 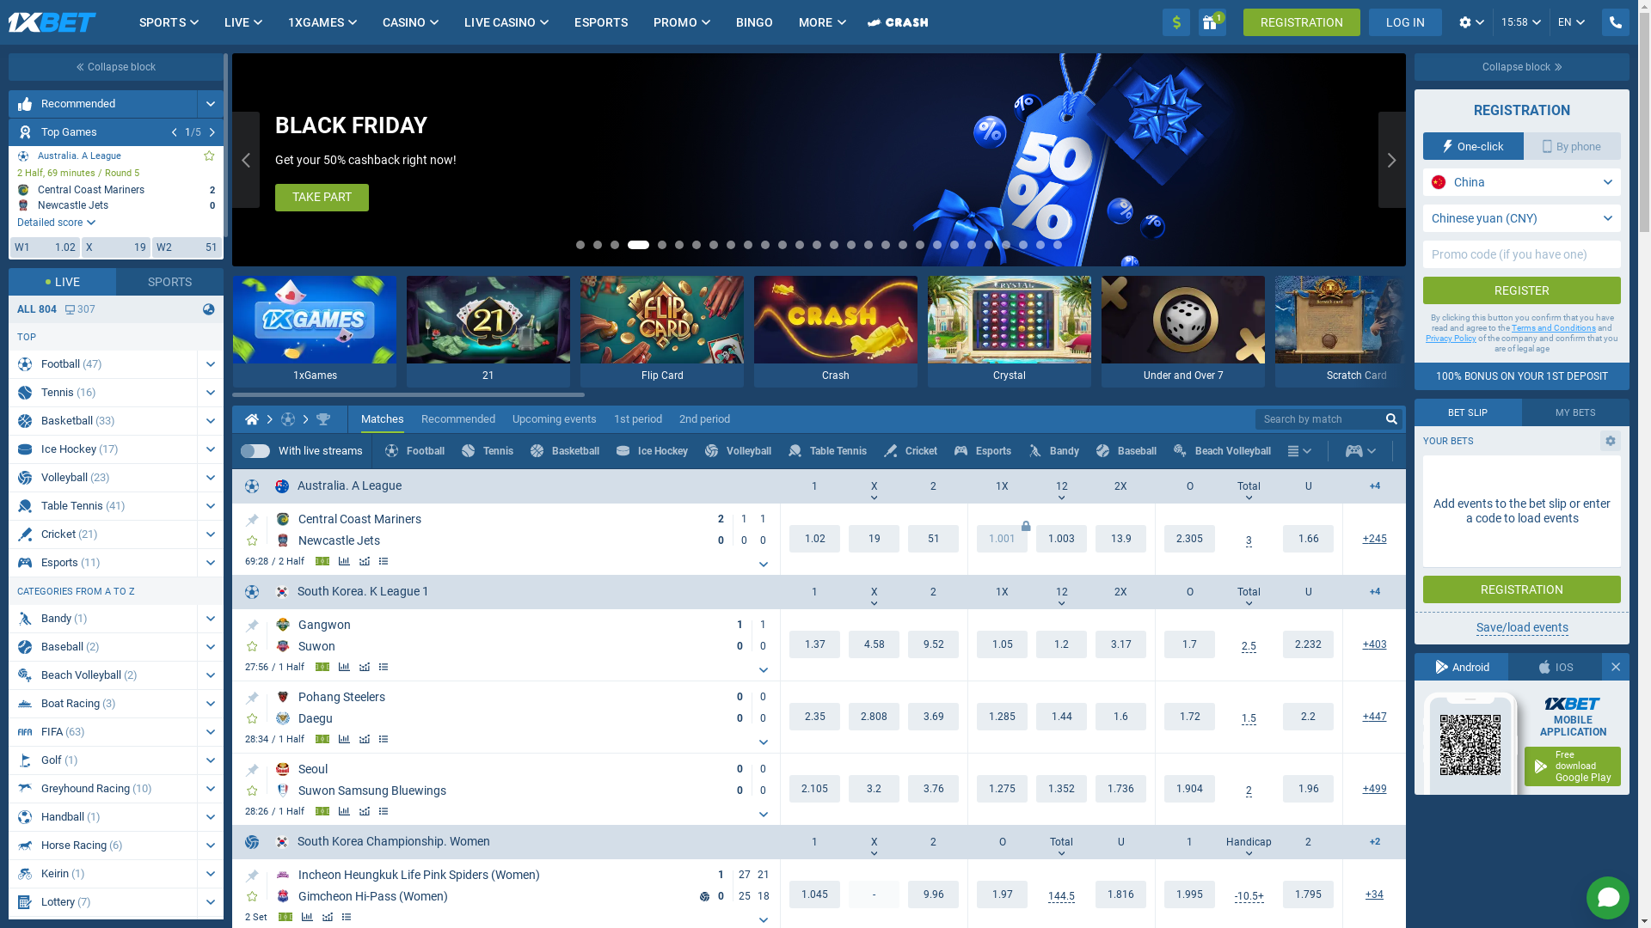 What do you see at coordinates (1233, 895) in the screenshot?
I see `'-11.5+'` at bounding box center [1233, 895].